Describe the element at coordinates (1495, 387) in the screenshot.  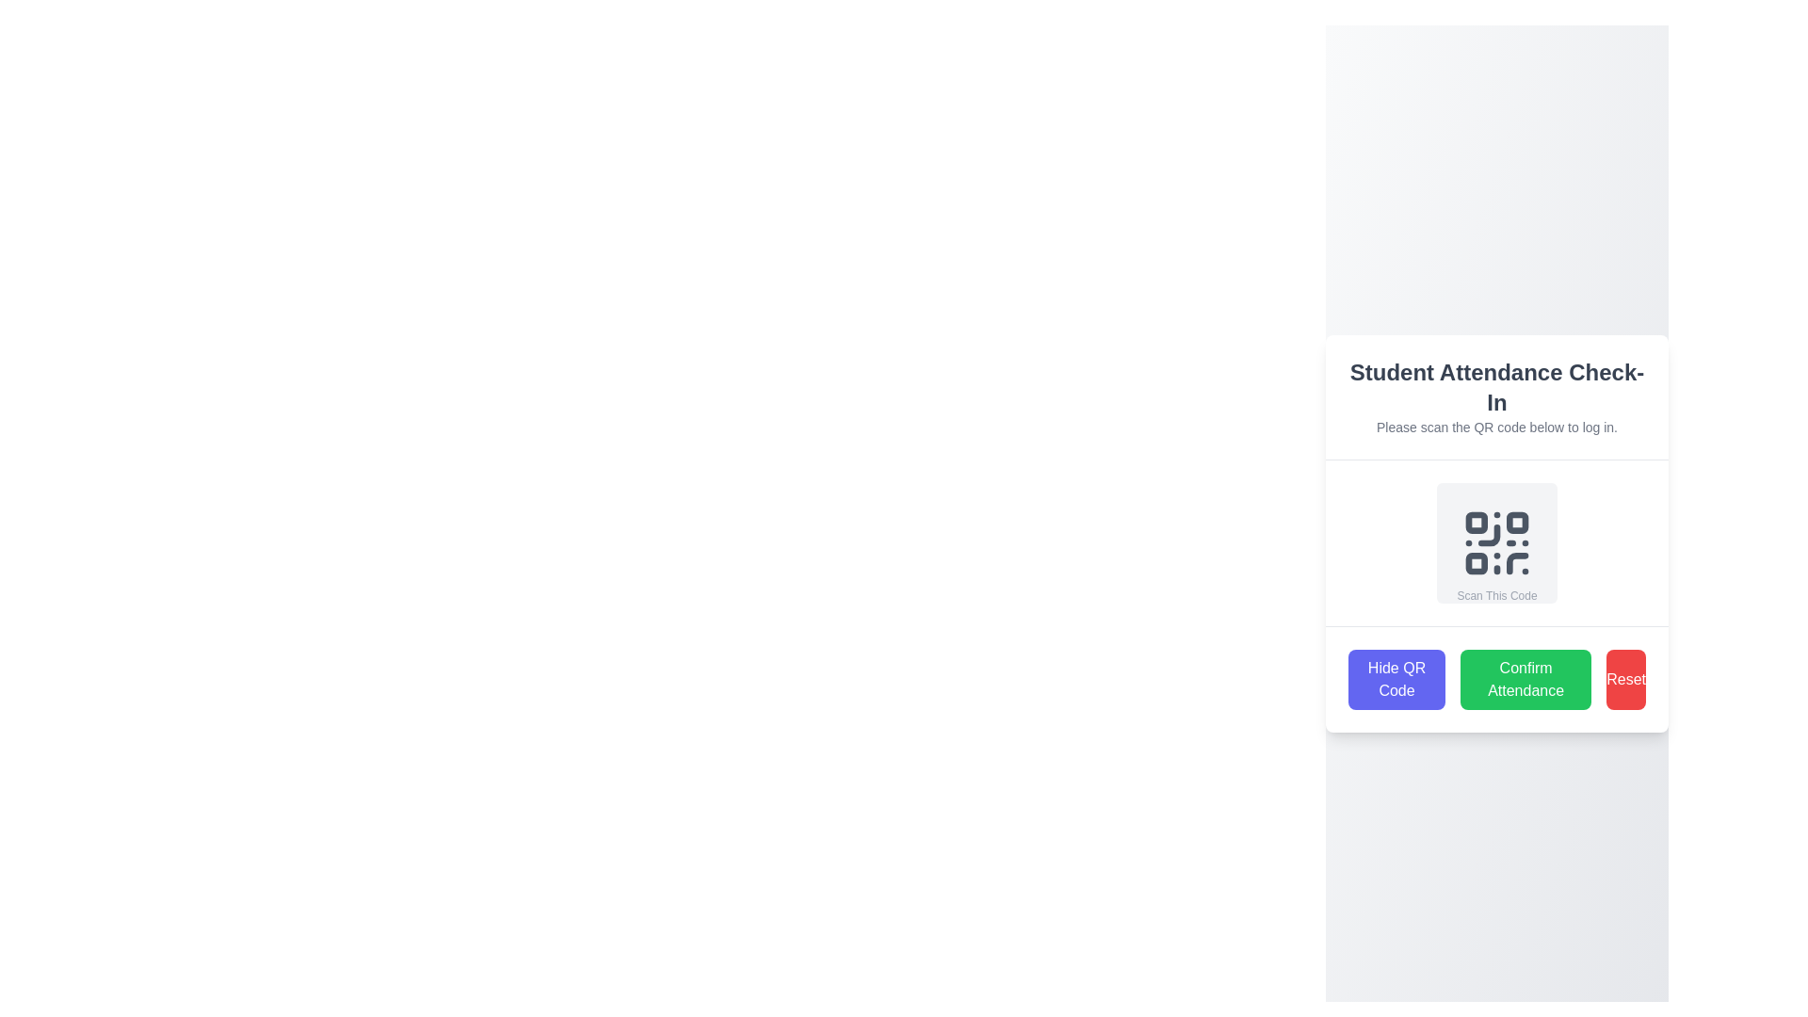
I see `the Text Header indicating the functionality for student attendance check-in, located at the top of the interface section` at that location.